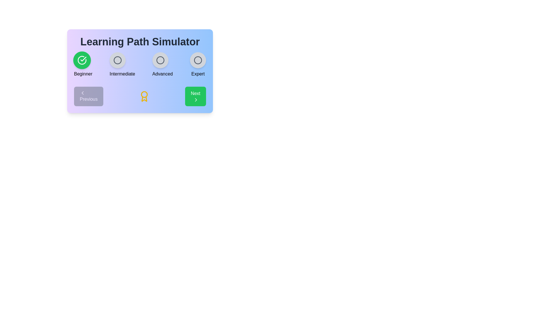 The width and height of the screenshot is (551, 310). What do you see at coordinates (83, 65) in the screenshot?
I see `the 'Beginner' circular status icon` at bounding box center [83, 65].